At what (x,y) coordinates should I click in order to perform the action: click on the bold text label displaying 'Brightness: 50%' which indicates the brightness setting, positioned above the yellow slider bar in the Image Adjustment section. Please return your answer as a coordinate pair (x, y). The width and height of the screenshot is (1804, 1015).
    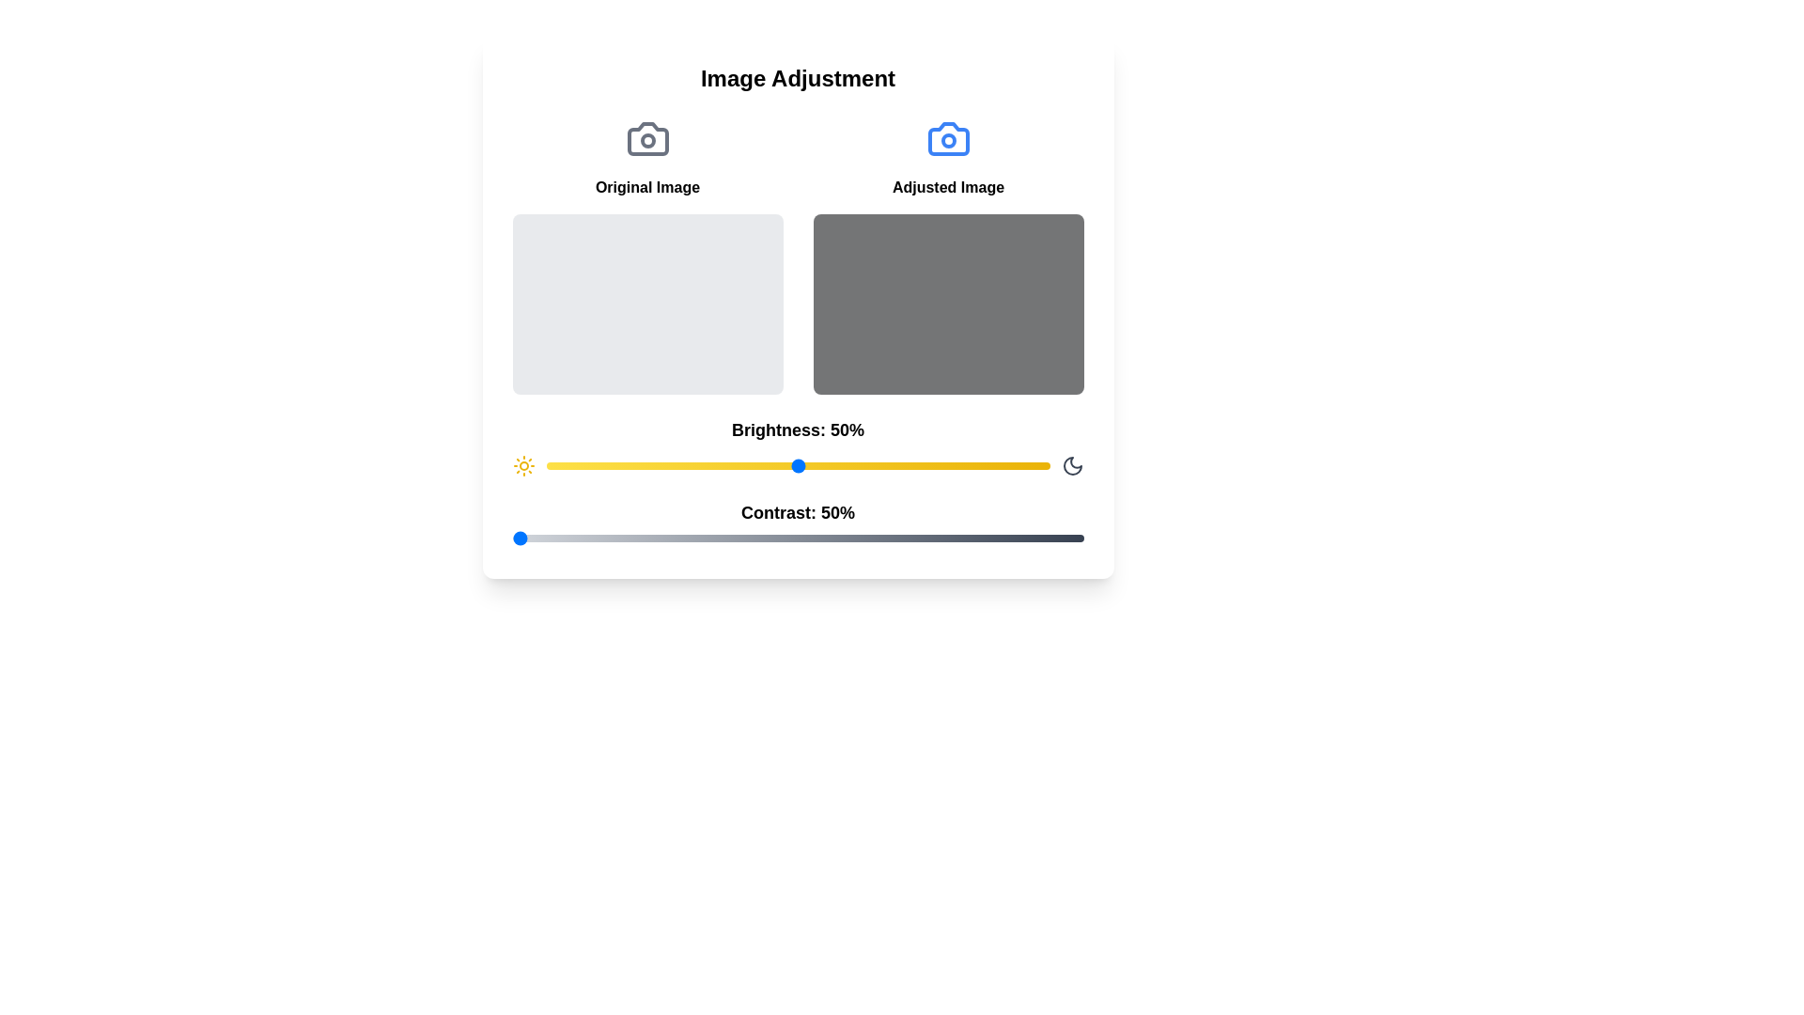
    Looking at the image, I should click on (798, 430).